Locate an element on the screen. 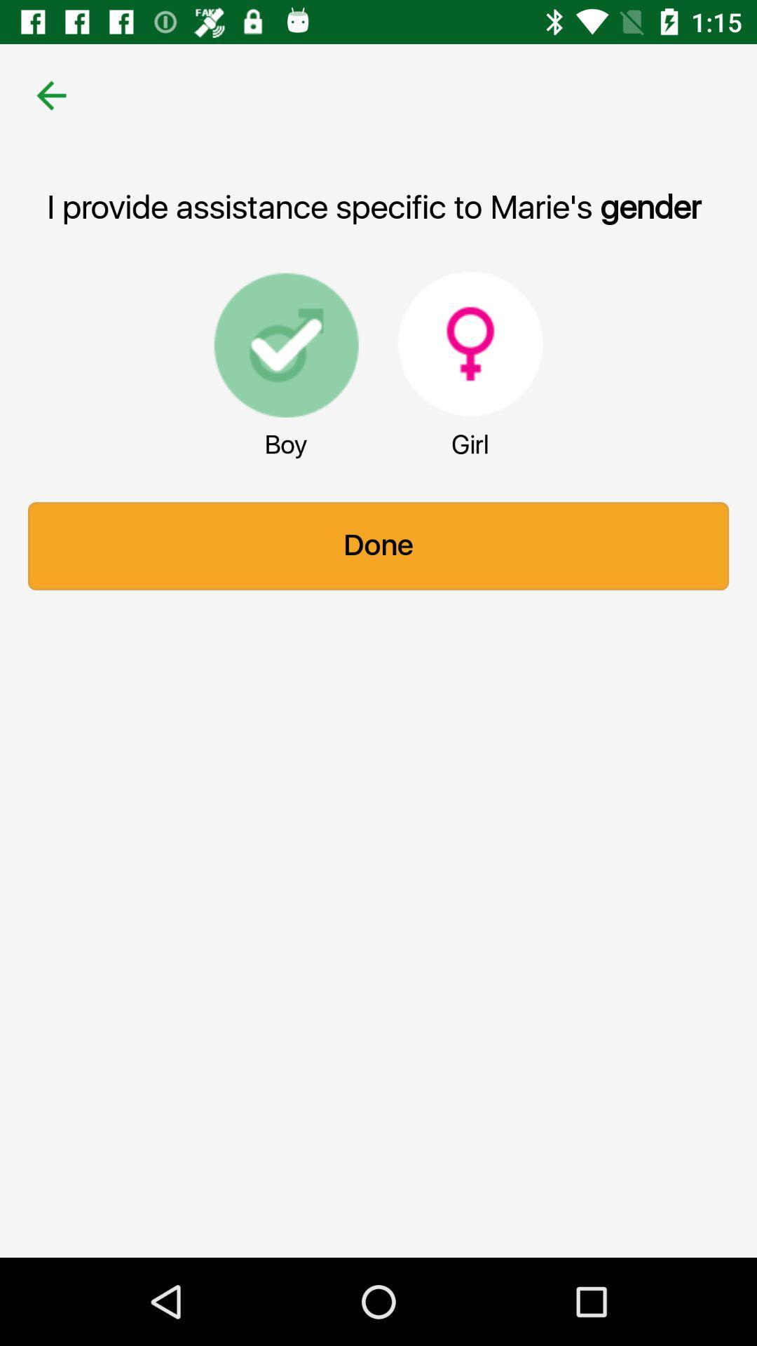  the item at the center is located at coordinates (378, 545).